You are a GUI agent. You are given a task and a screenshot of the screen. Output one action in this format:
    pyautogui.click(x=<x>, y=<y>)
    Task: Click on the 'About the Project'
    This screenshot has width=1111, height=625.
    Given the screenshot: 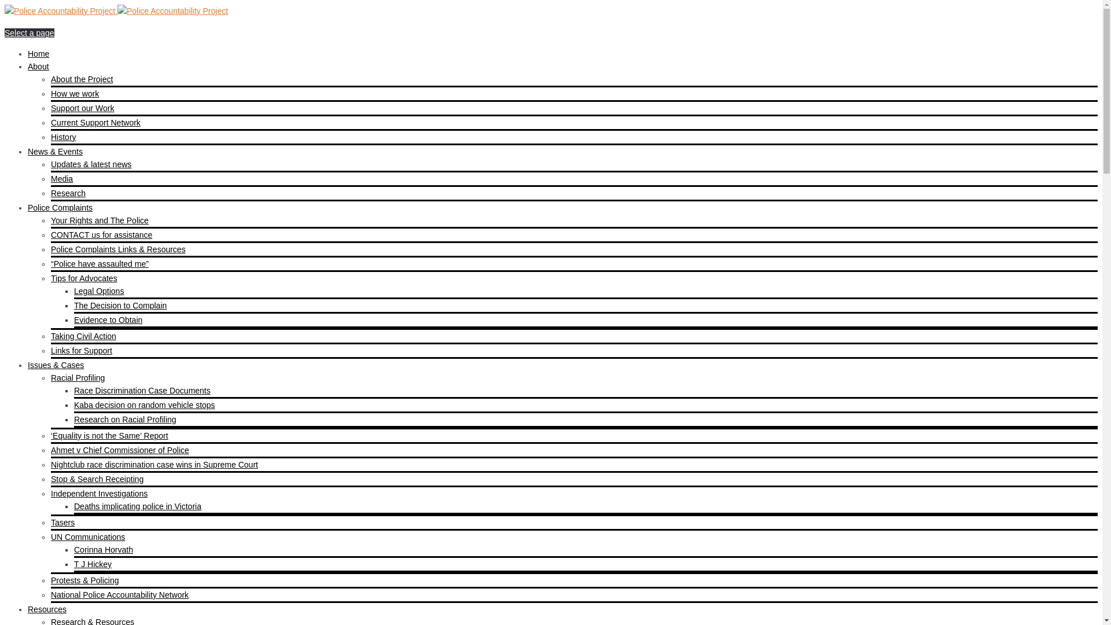 What is the action you would take?
    pyautogui.click(x=81, y=79)
    